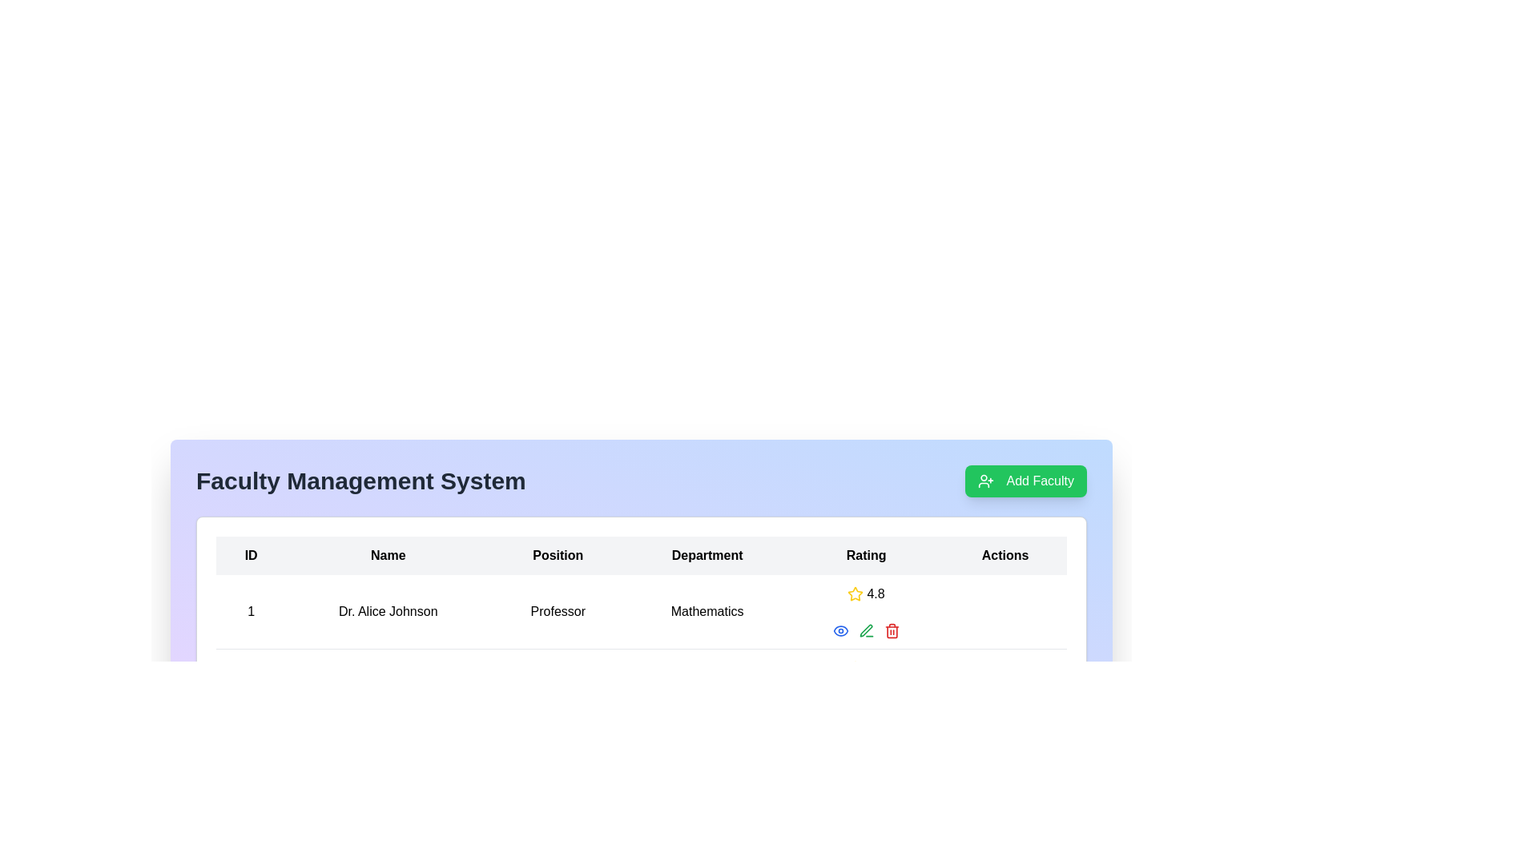  What do you see at coordinates (707, 555) in the screenshot?
I see `the static text label displaying 'Department' in the header row of the table` at bounding box center [707, 555].